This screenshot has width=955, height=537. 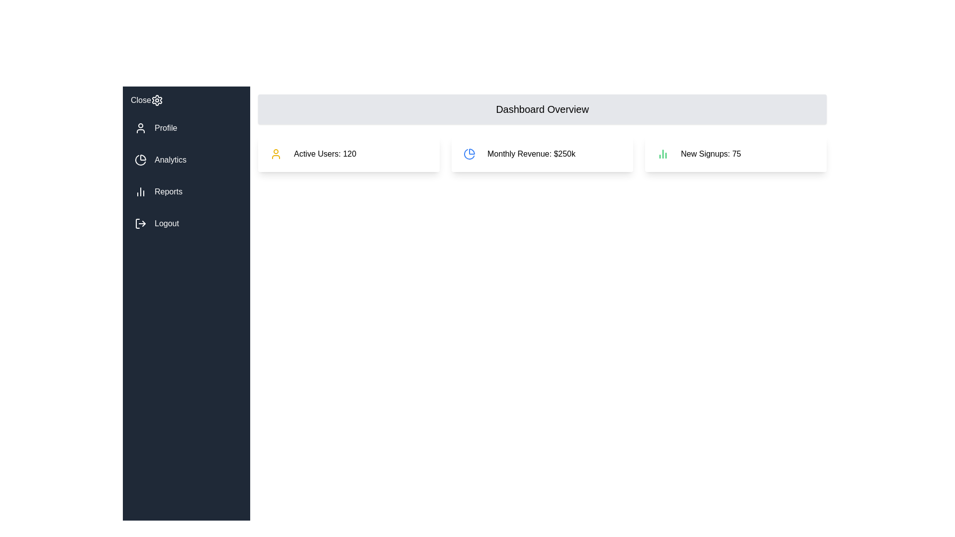 I want to click on the navigation group element consisting of interactive options like 'Profile', 'Analytics', 'Reports', and 'Logout' in the sidebar, so click(x=186, y=176).